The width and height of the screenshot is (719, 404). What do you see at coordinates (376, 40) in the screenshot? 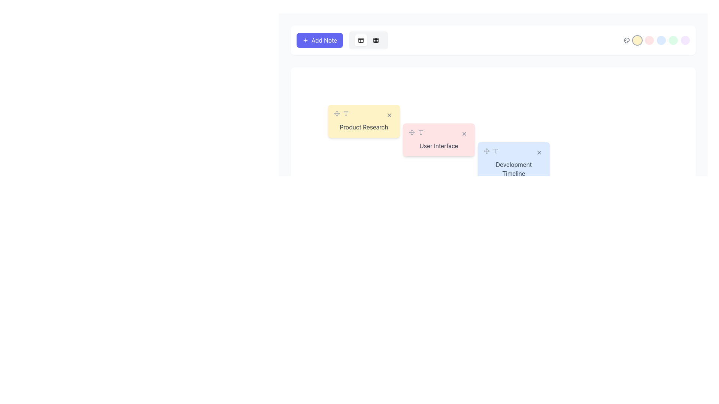
I see `the small square button with a grid icon located at the rightmost position in the toolbar` at bounding box center [376, 40].